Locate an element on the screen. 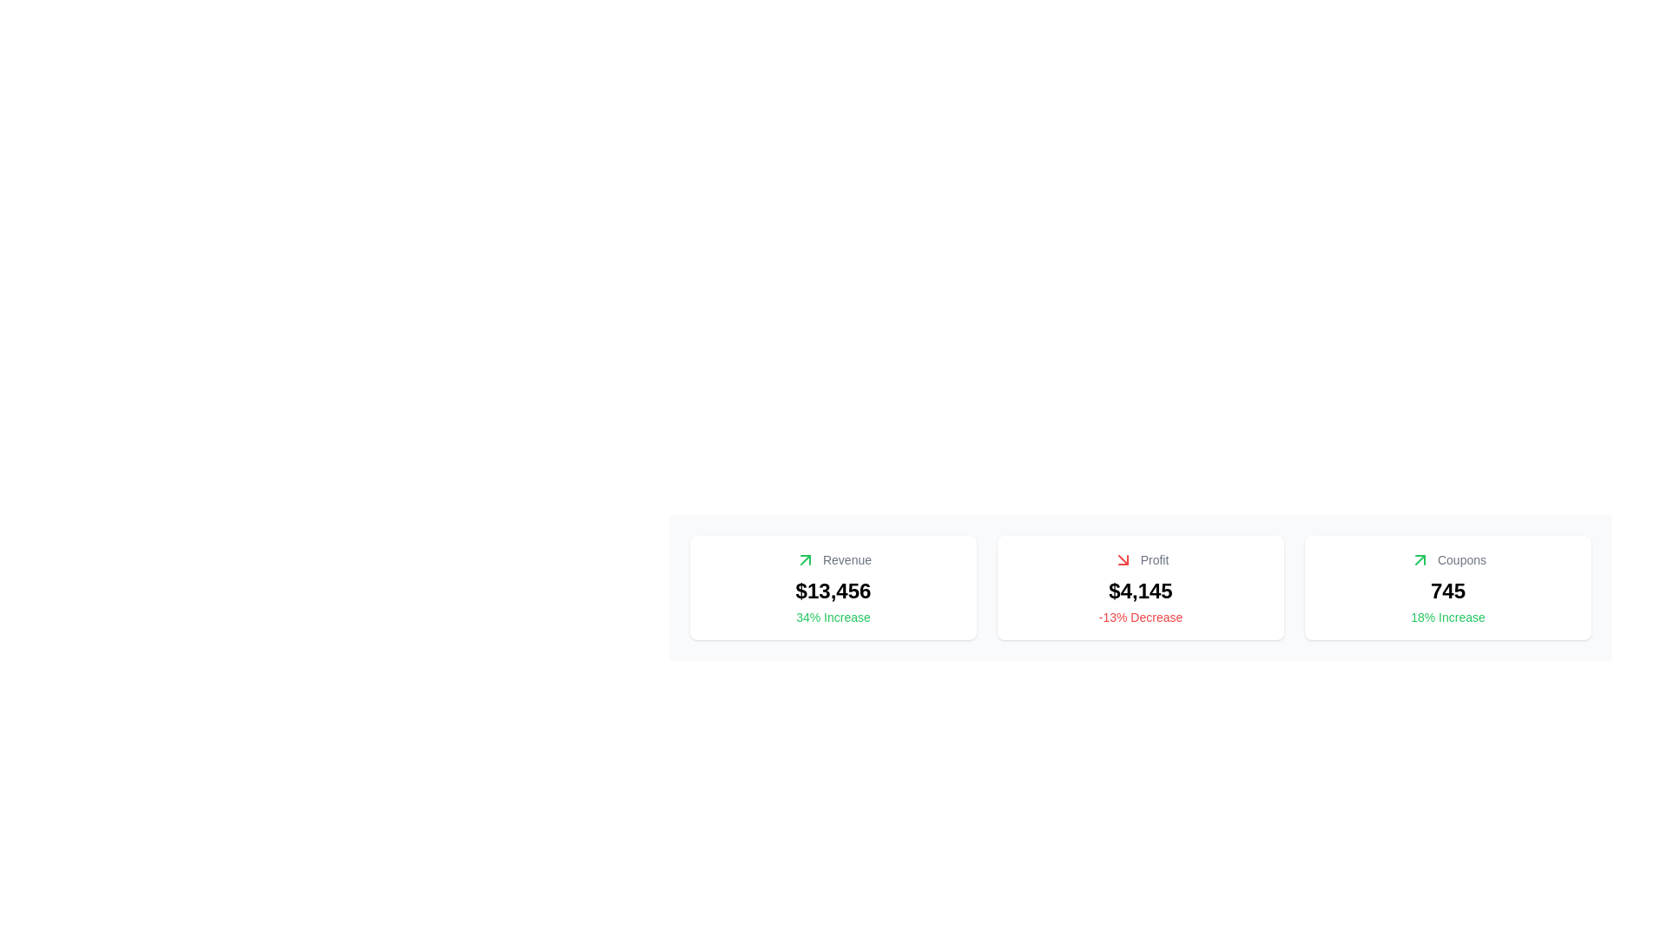  the 'Profit' label, which is a small gray text label indicating a downward trend, positioned to the right of a red arrow icon, located within the second card from the left is located at coordinates (1154, 559).